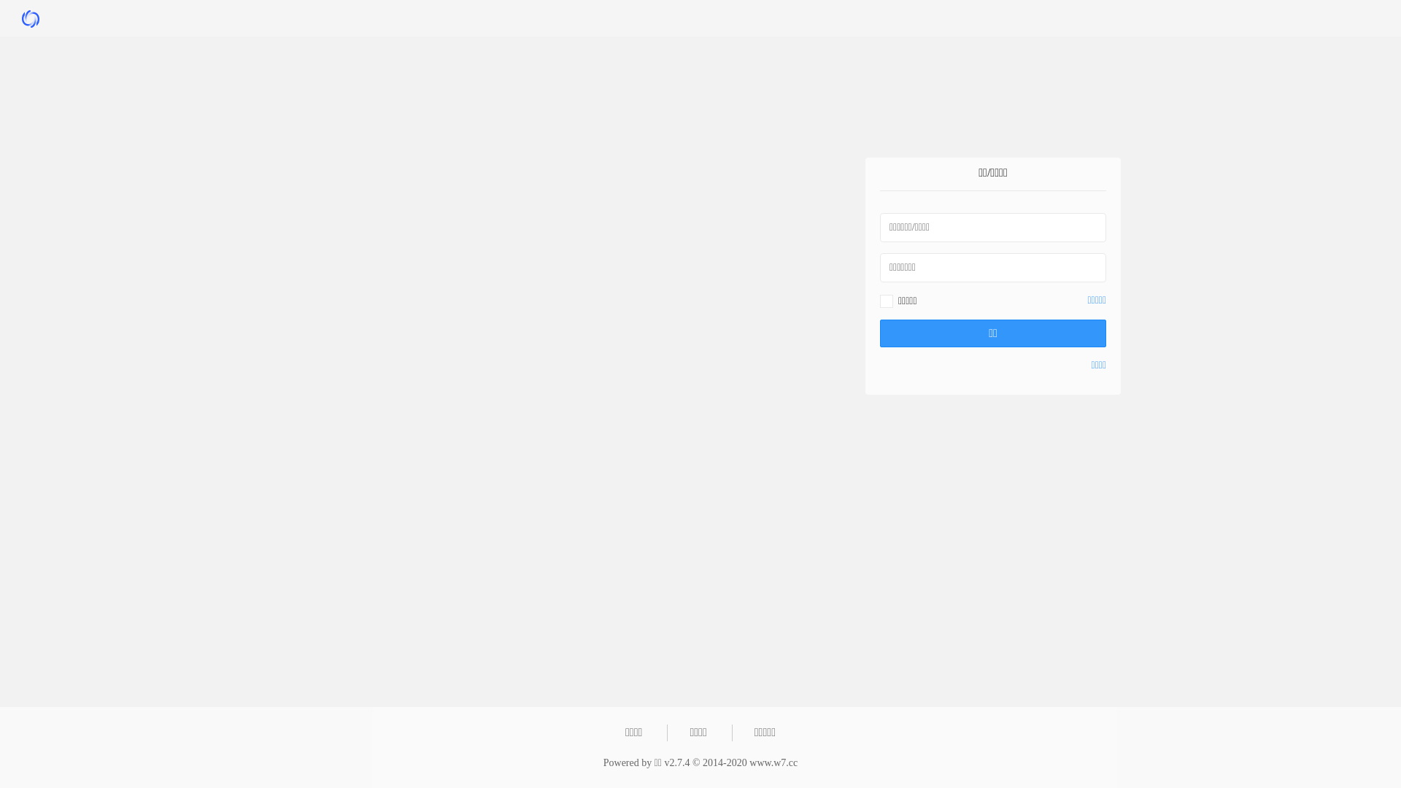 Image resolution: width=1401 pixels, height=788 pixels. I want to click on 'www.w7.cc', so click(773, 762).